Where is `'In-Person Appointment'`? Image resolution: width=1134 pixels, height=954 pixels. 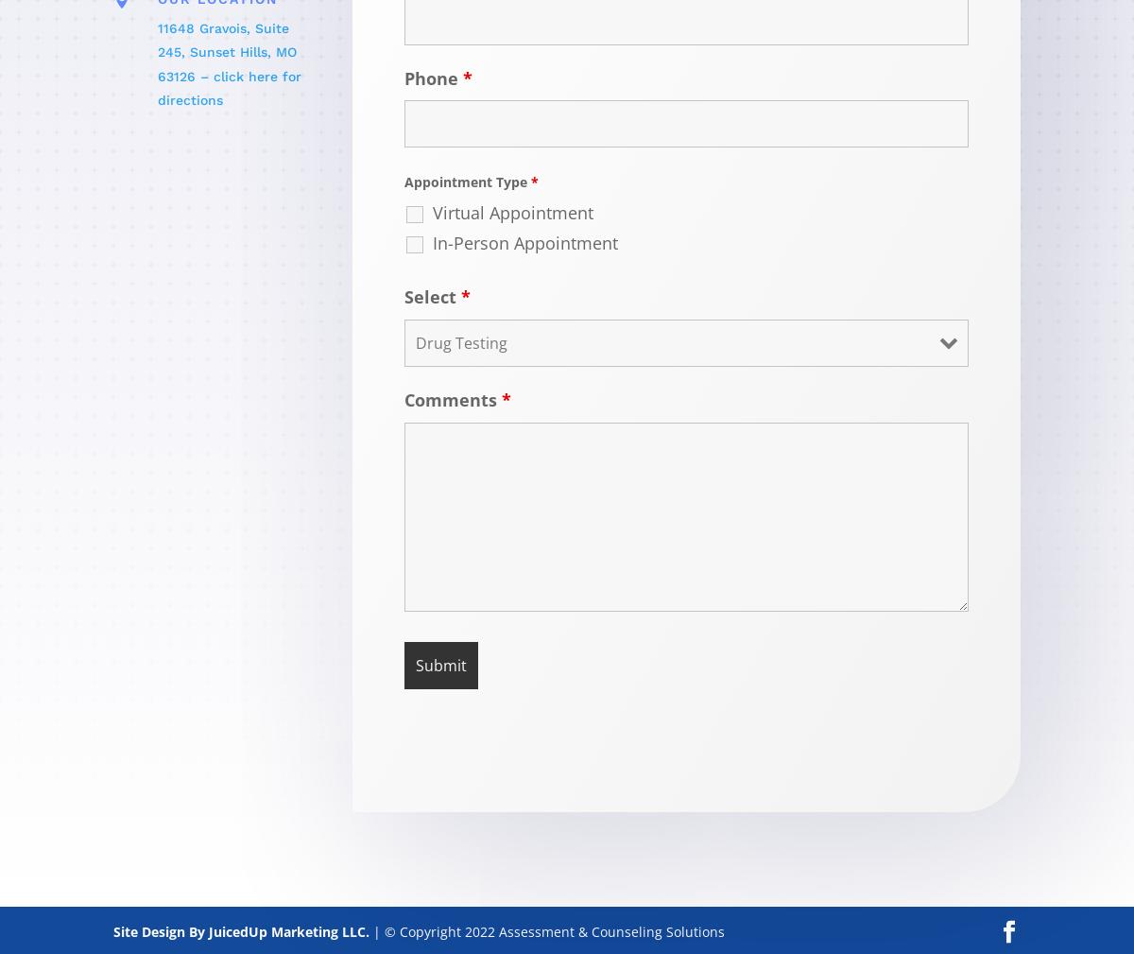 'In-Person Appointment' is located at coordinates (524, 241).